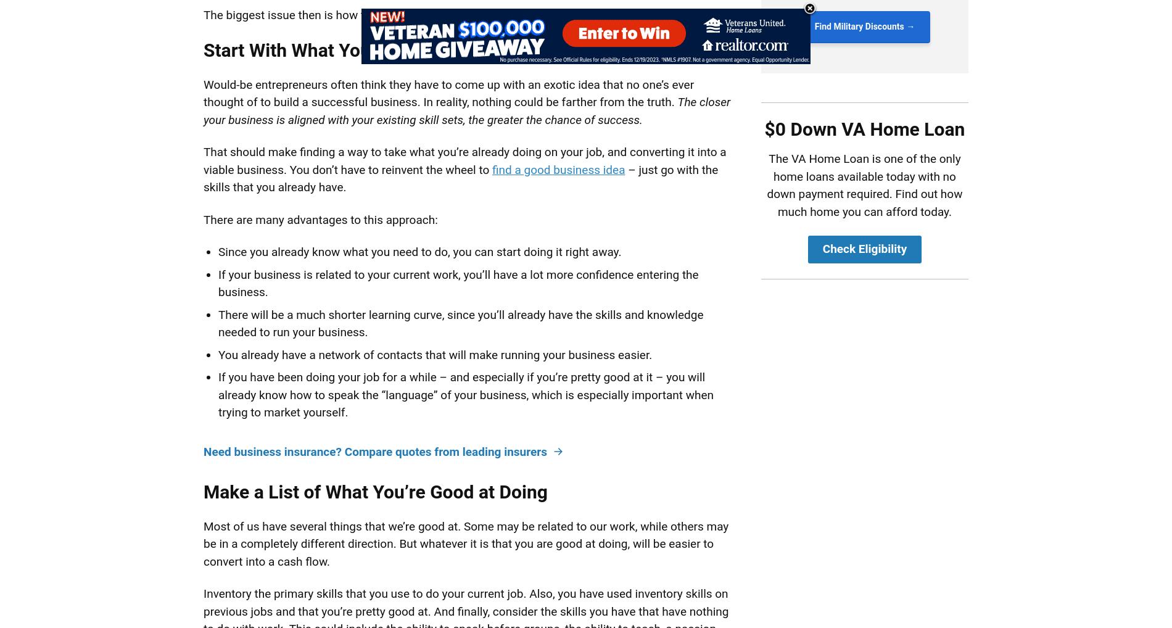  What do you see at coordinates (320, 218) in the screenshot?
I see `'There are many advantages to this approach:'` at bounding box center [320, 218].